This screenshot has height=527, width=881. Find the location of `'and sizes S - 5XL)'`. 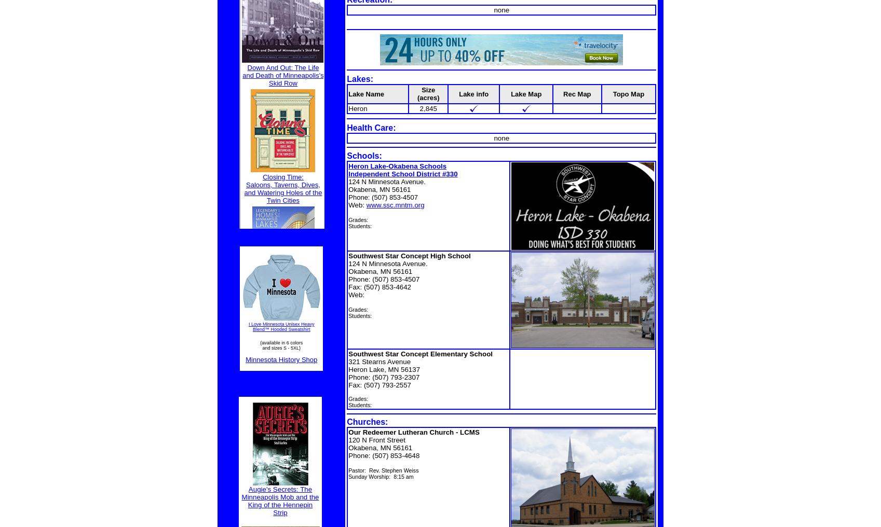

'and sizes S - 5XL)' is located at coordinates (281, 347).